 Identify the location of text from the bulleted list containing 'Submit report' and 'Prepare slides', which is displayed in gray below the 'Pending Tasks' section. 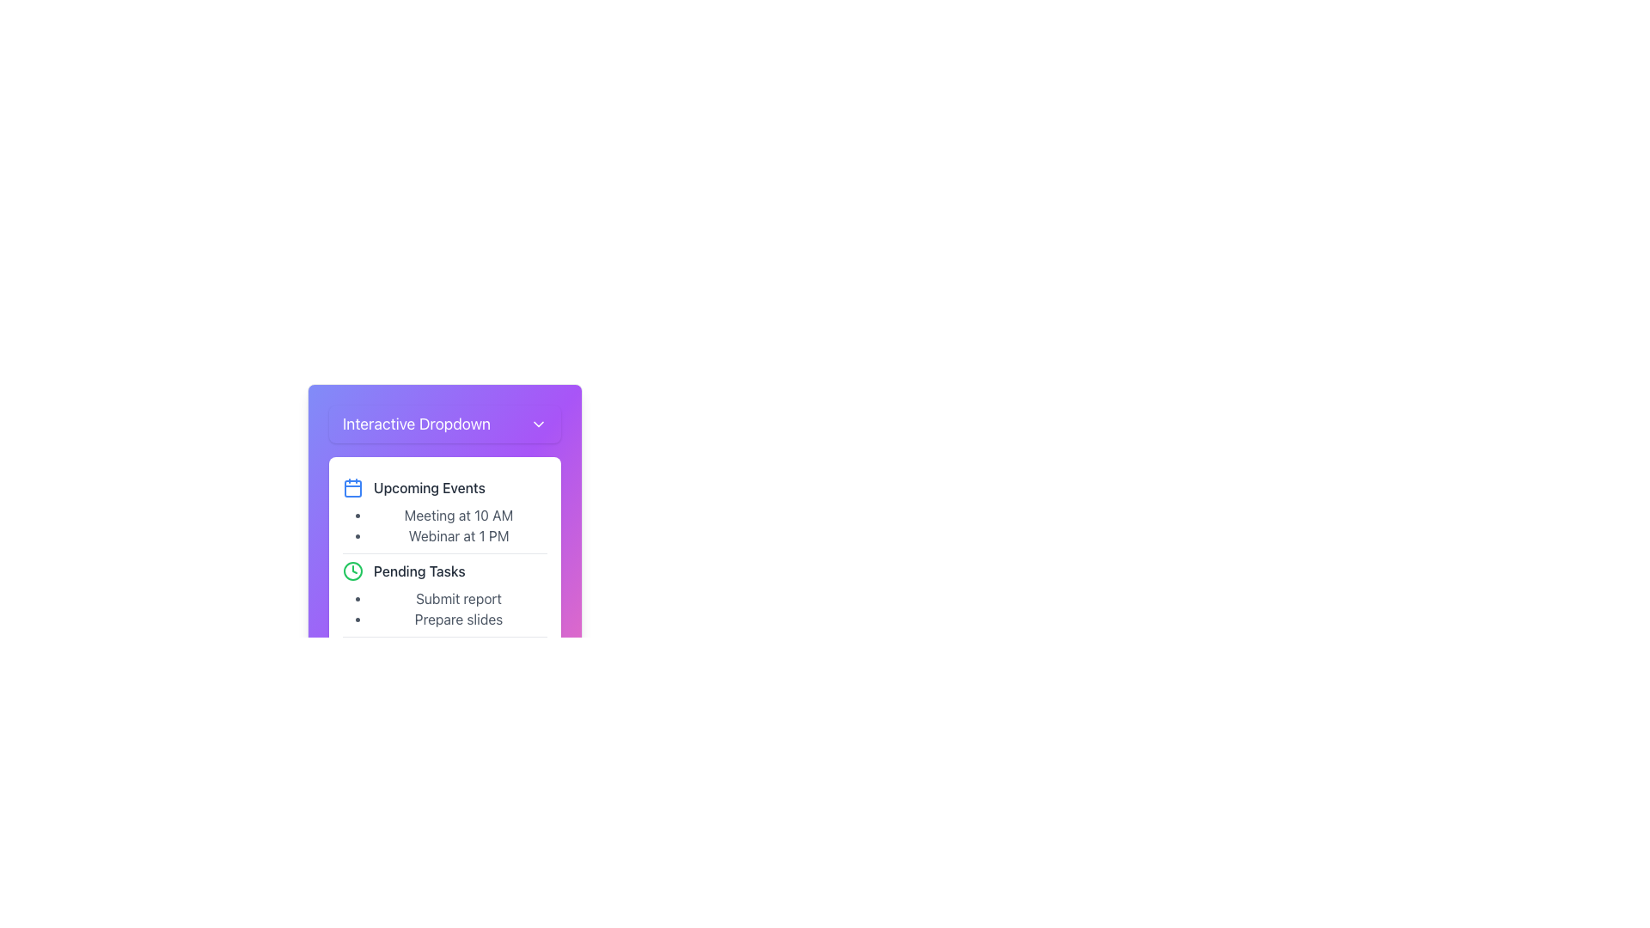
(458, 608).